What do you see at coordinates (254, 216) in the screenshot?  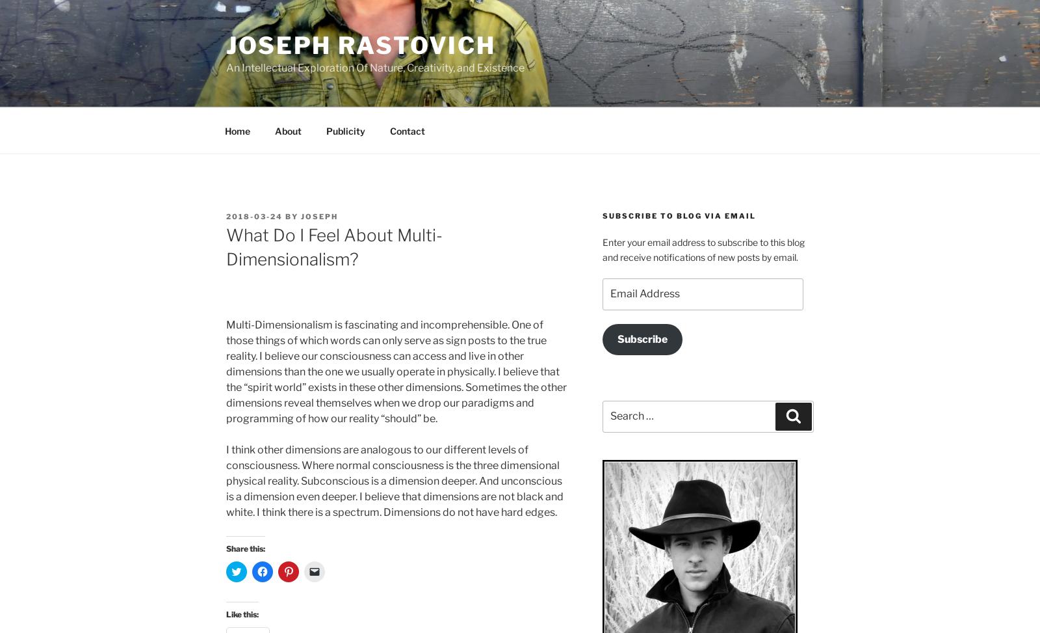 I see `'2018-03-24'` at bounding box center [254, 216].